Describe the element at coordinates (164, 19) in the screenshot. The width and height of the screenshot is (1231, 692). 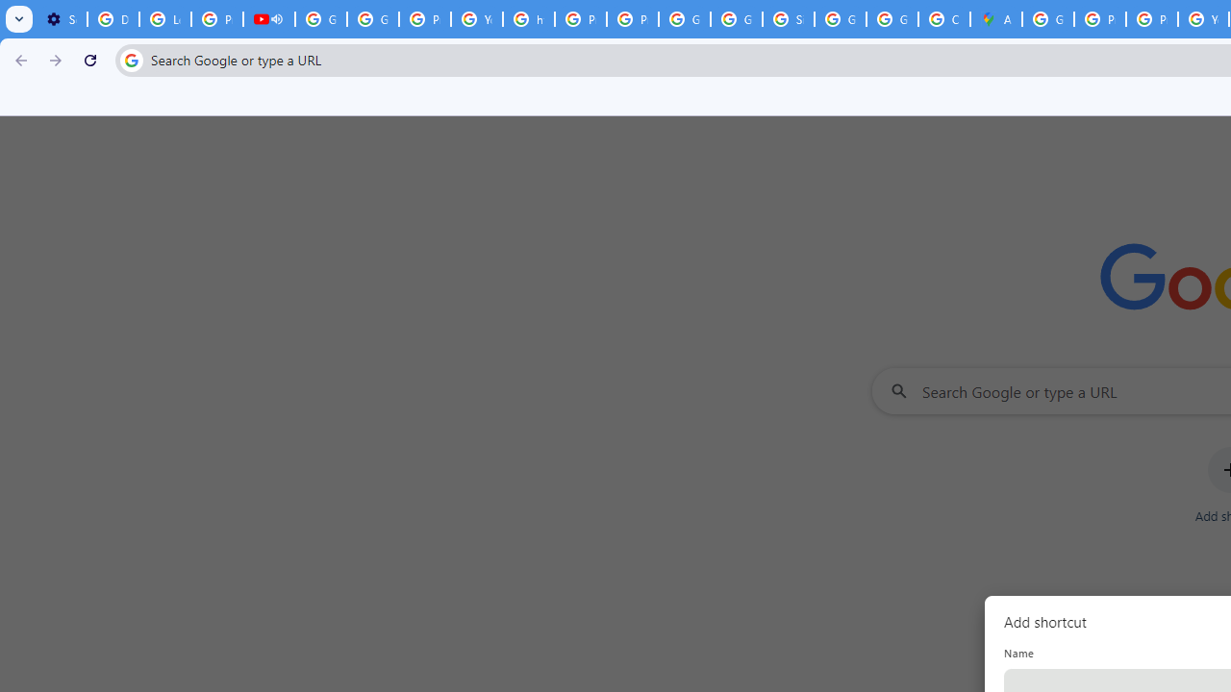
I see `'Learn how to find your photos - Google Photos Help'` at that location.